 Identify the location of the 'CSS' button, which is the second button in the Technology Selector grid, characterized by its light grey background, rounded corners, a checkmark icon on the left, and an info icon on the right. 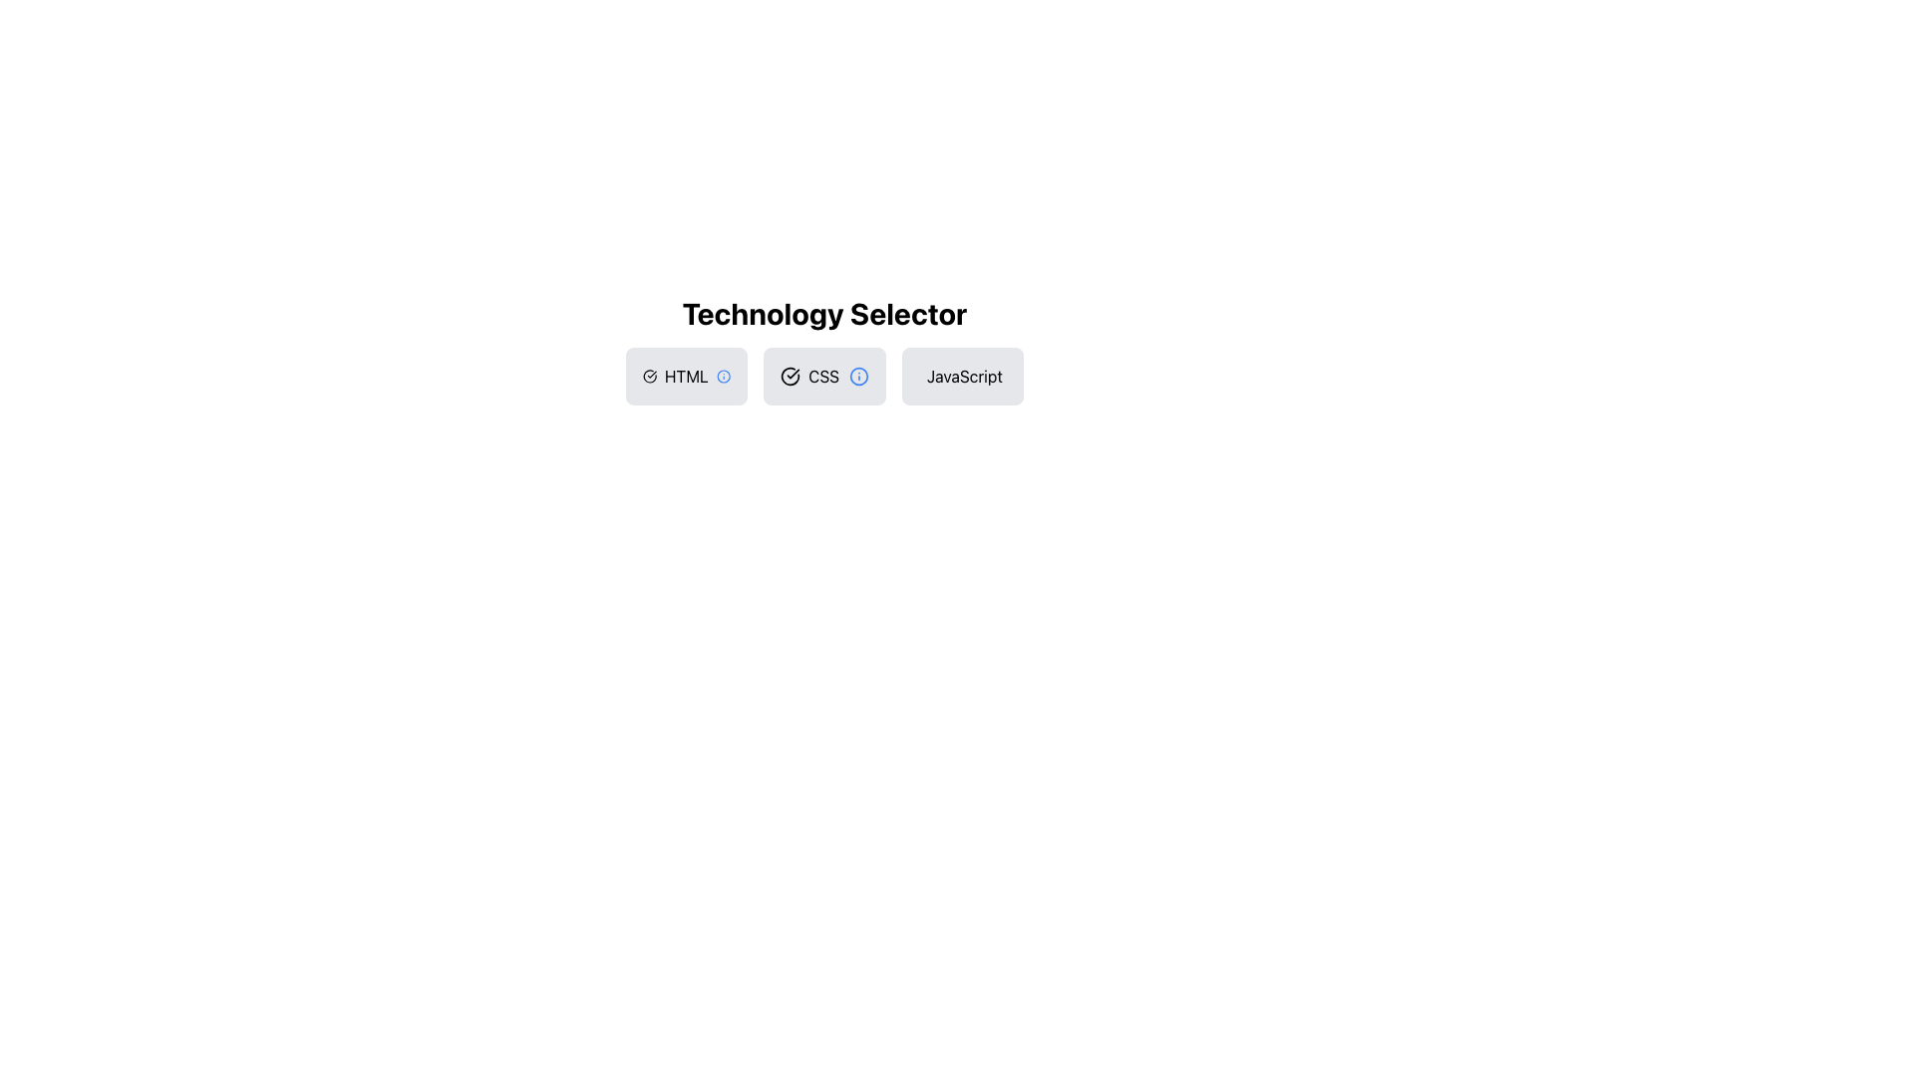
(823, 377).